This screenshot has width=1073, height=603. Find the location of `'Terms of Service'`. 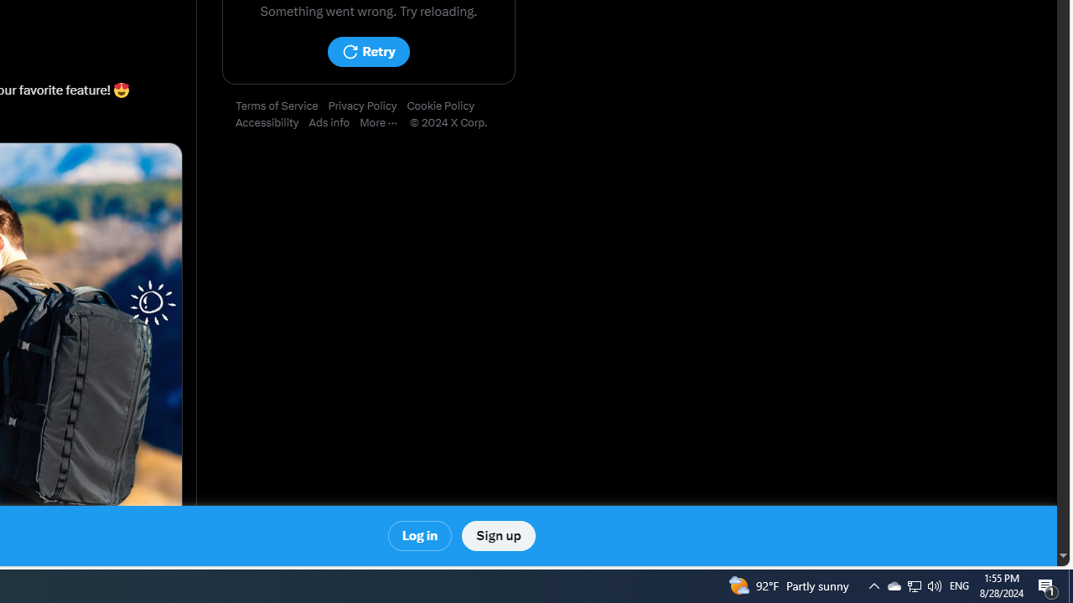

'Terms of Service' is located at coordinates (282, 106).